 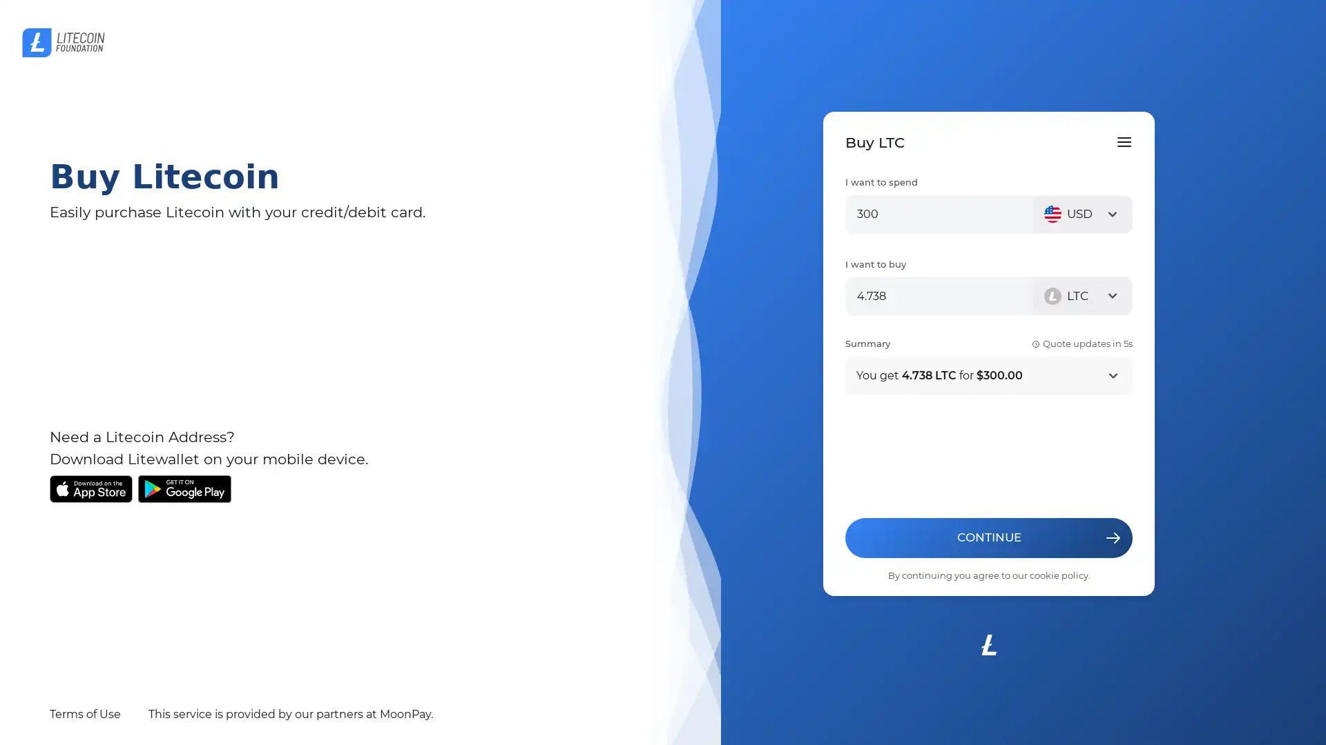 I want to click on You get 4.738 LTC for $300.00, so click(x=988, y=375).